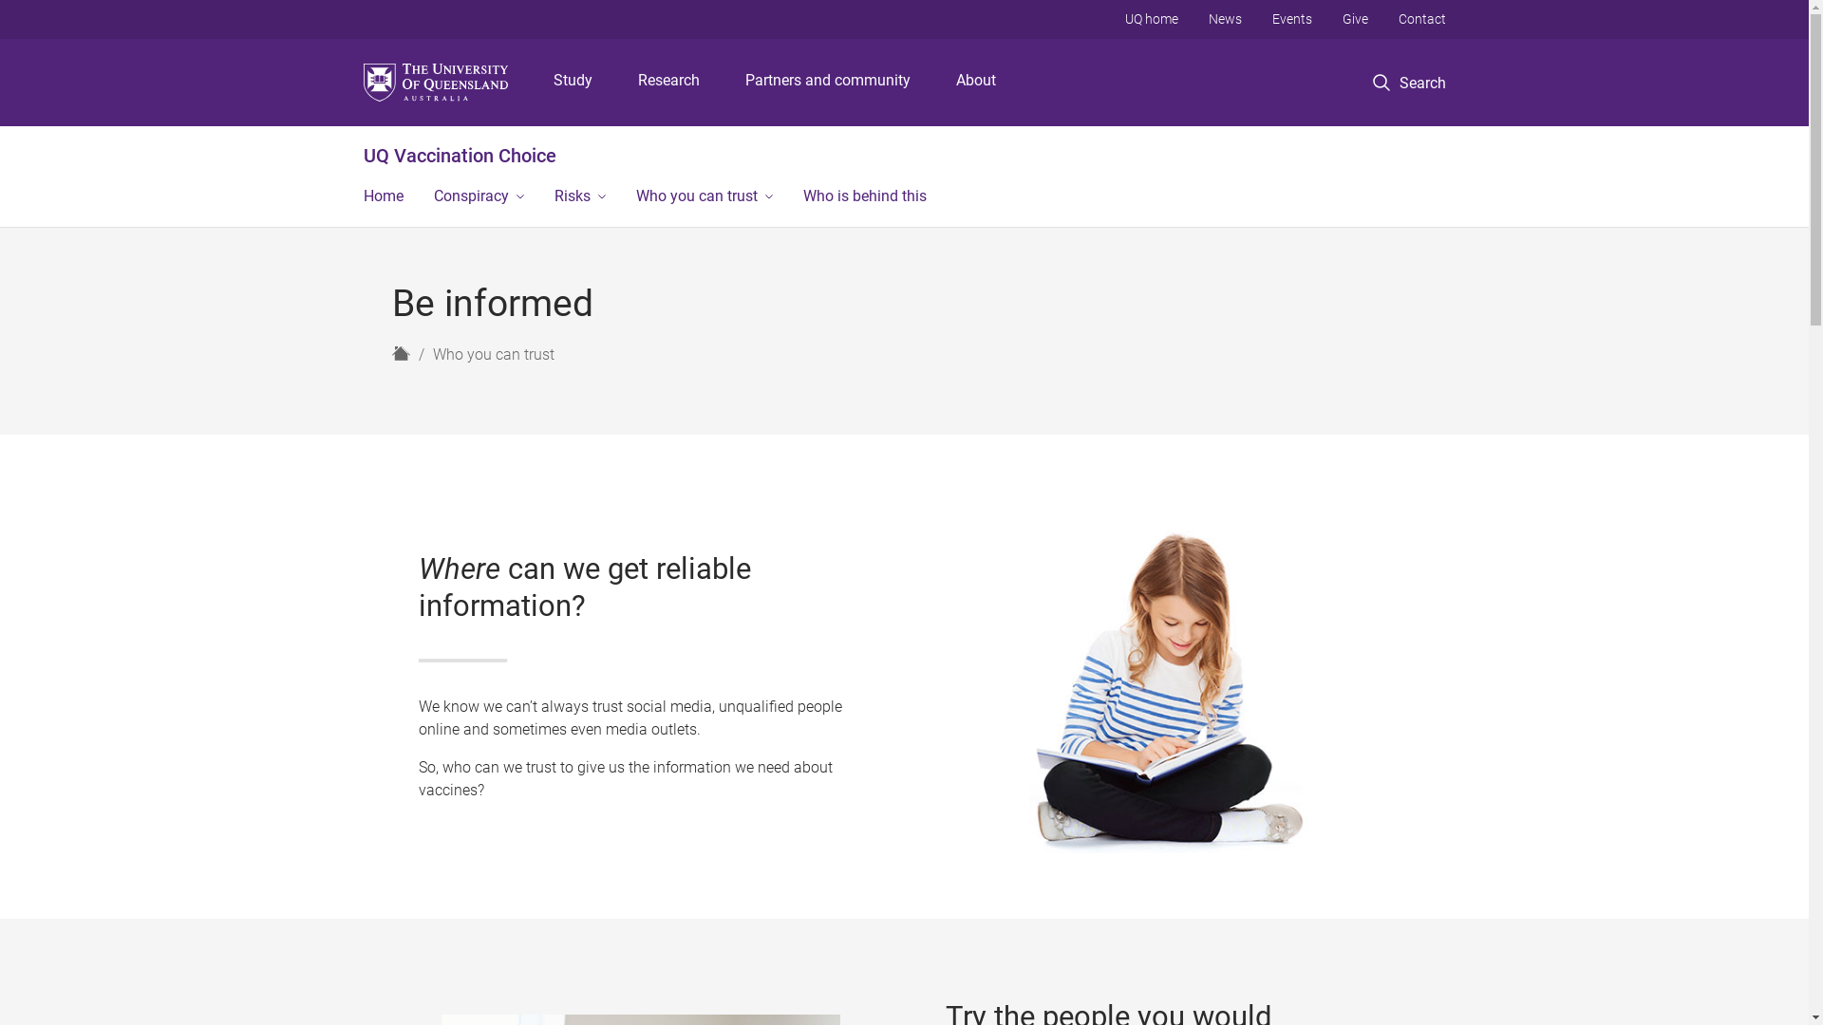  I want to click on 'Who you can trust', so click(704, 197).